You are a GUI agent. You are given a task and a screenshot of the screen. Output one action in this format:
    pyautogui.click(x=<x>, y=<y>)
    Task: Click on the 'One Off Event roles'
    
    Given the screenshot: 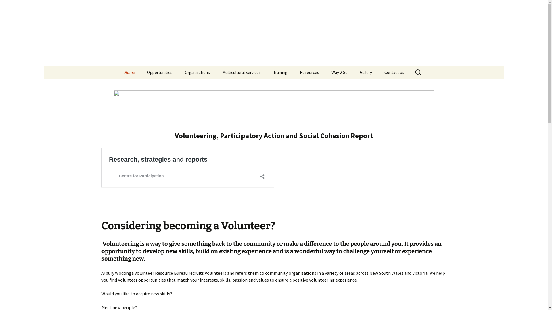 What is the action you would take?
    pyautogui.click(x=170, y=85)
    